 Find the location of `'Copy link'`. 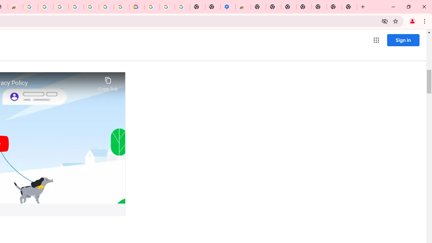

'Copy link' is located at coordinates (108, 82).